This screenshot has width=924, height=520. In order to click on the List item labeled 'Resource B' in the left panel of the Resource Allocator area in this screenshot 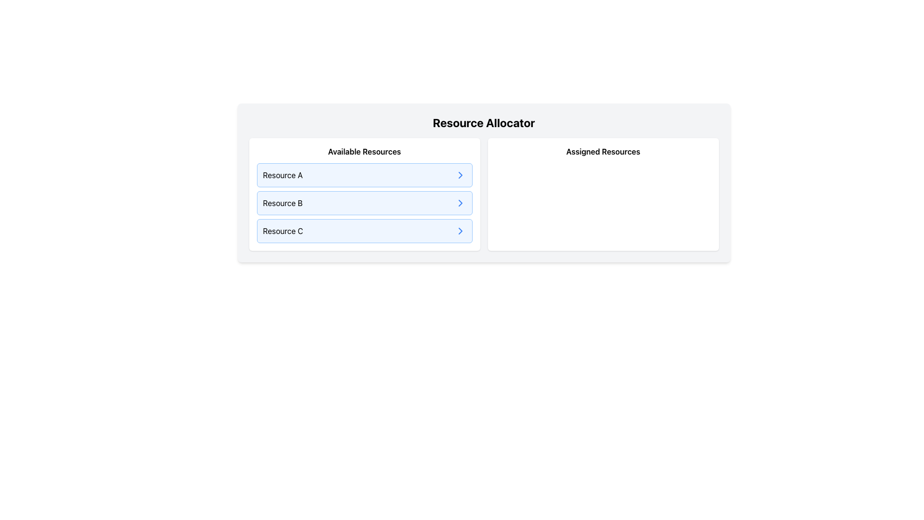, I will do `click(364, 202)`.